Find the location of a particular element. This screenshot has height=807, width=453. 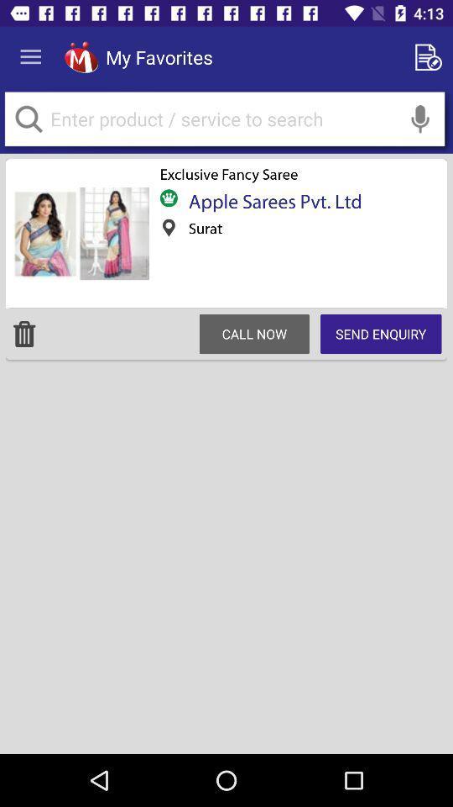

delete product is located at coordinates (23, 333).